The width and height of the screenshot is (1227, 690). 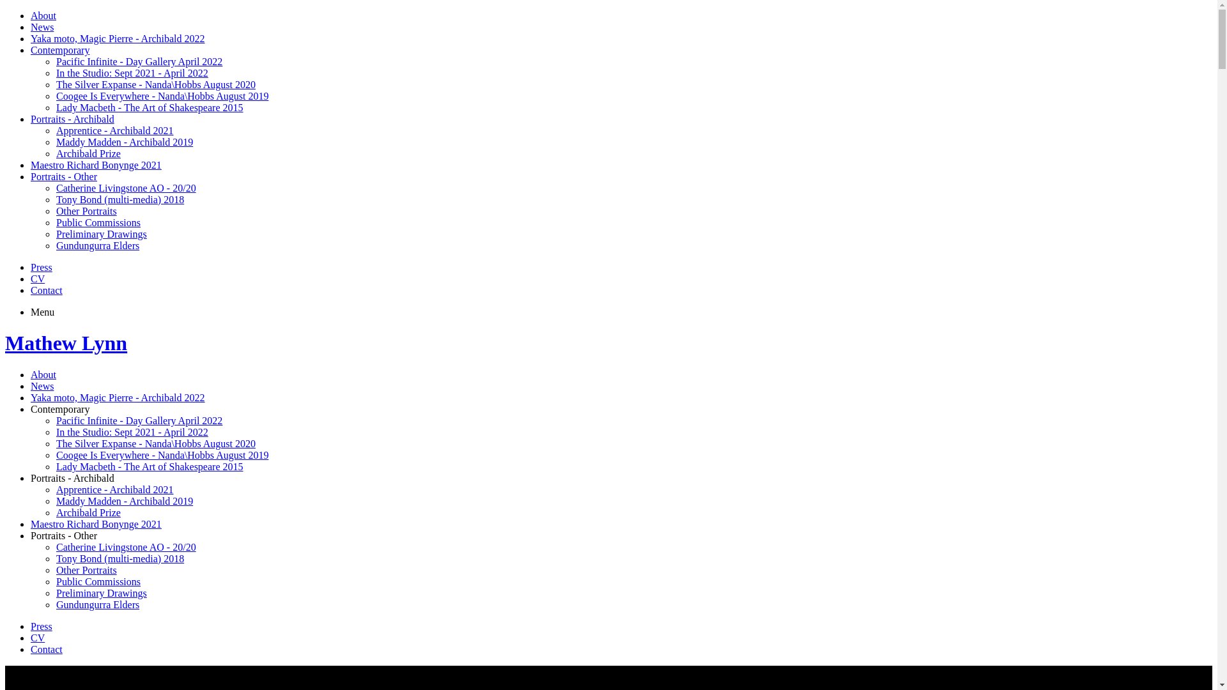 I want to click on 'Contact', so click(x=31, y=649).